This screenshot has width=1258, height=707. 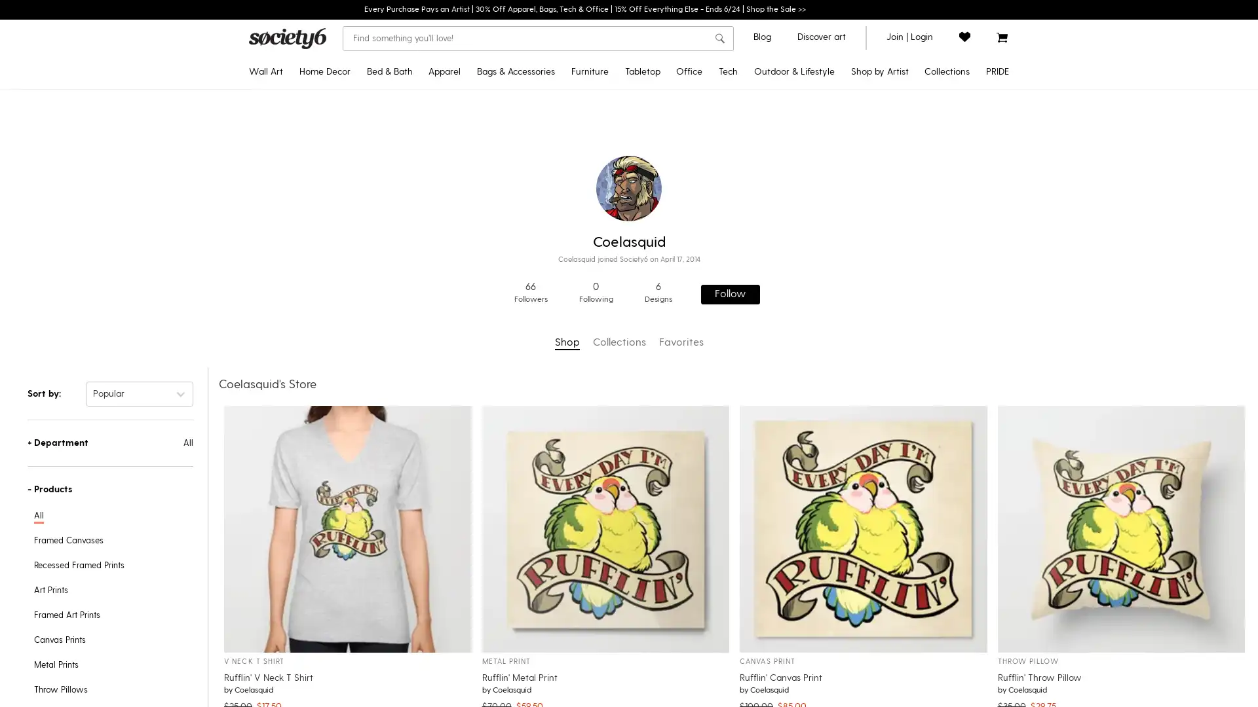 I want to click on Welcome Mats, so click(x=811, y=231).